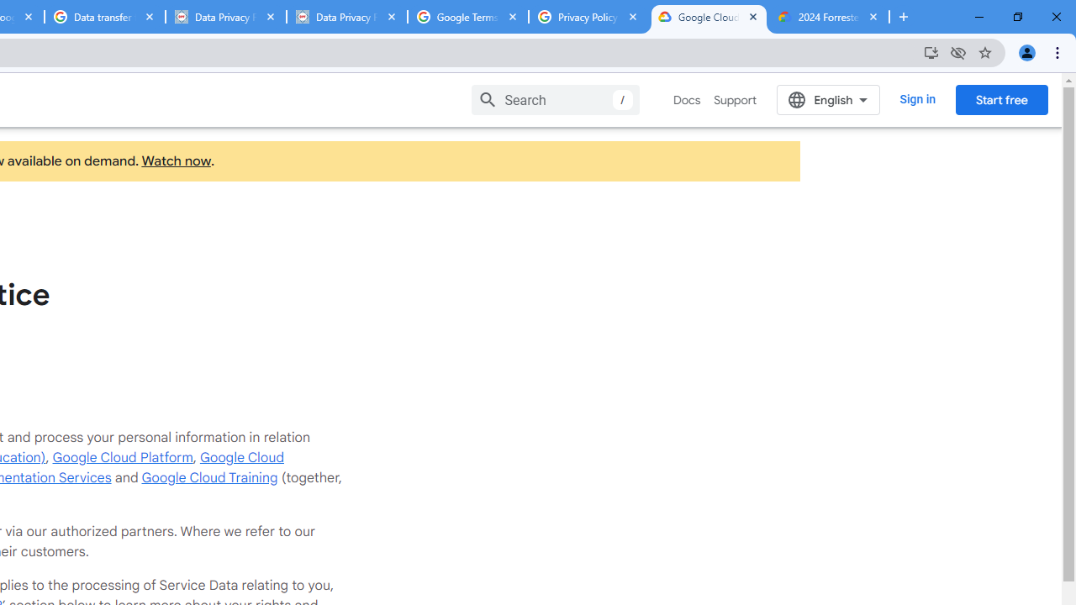 The image size is (1076, 605). I want to click on 'Google Cloud Training', so click(208, 477).